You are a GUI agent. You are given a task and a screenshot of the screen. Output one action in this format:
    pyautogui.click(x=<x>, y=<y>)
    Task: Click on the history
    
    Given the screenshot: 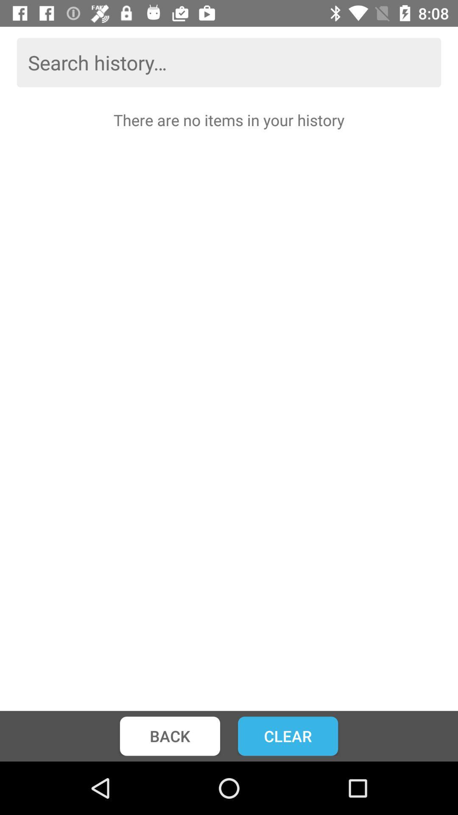 What is the action you would take?
    pyautogui.click(x=229, y=62)
    